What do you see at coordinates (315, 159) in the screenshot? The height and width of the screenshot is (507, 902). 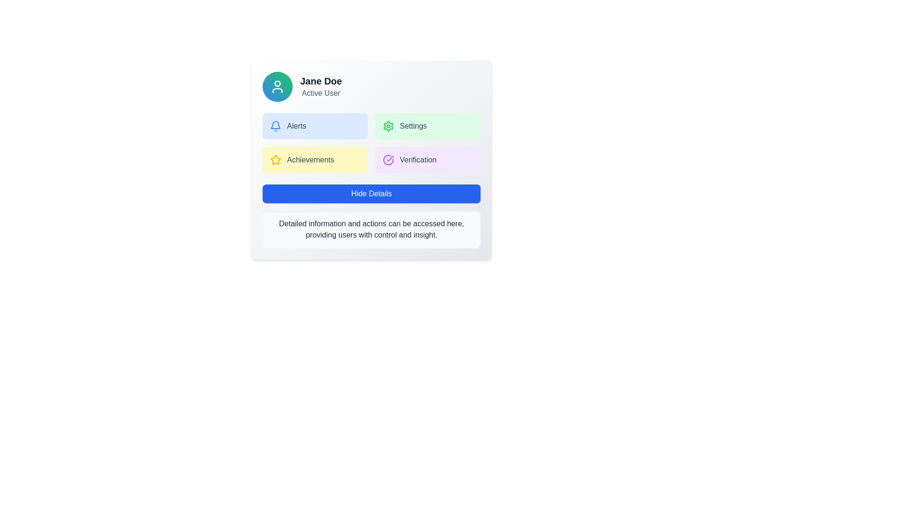 I see `text 'Achievements' from the light yellow card with rounded corners located in the top-middle part of the interface` at bounding box center [315, 159].